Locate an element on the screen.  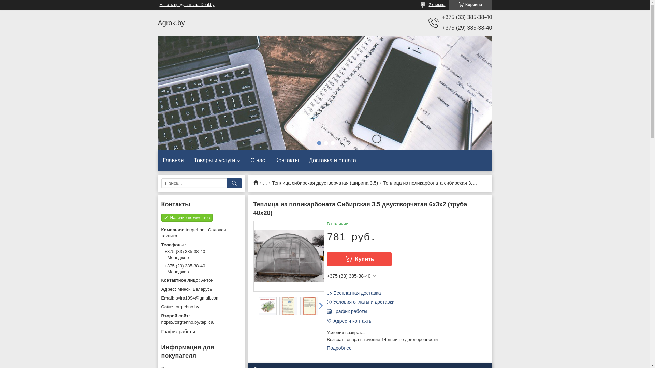
'svira1994@gmail.com' is located at coordinates (201, 298).